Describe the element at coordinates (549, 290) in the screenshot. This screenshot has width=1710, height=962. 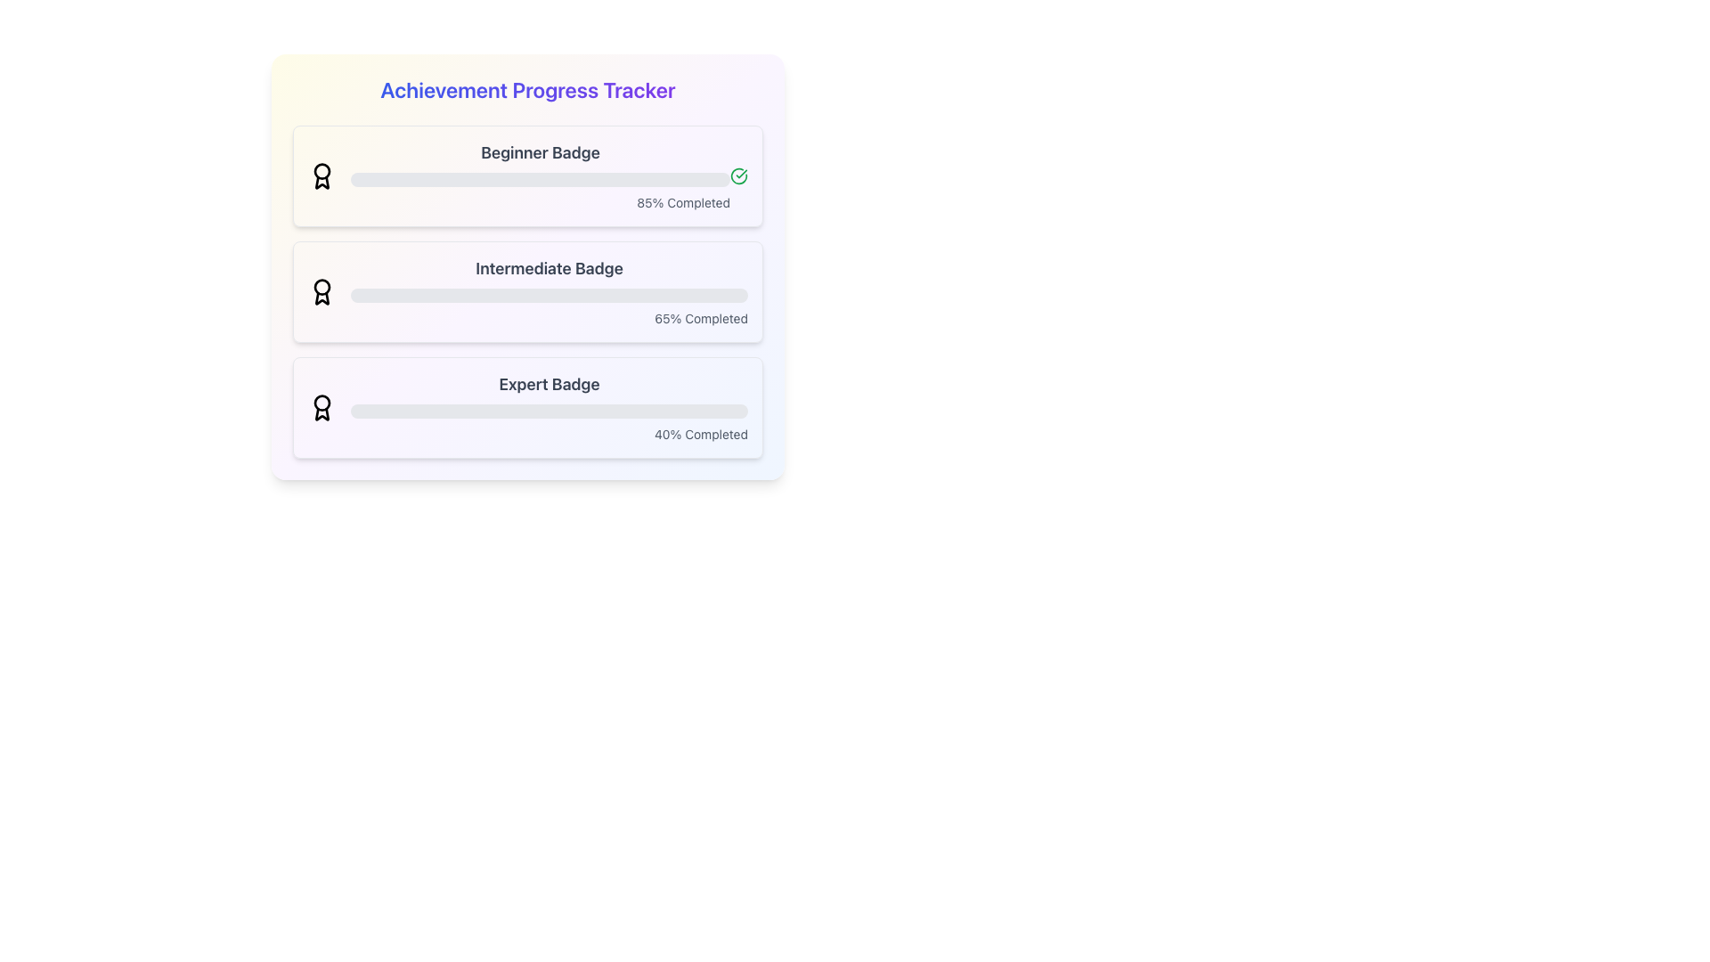
I see `the Progress Indicator displaying 'Intermediate Badge' to read details about the progress and completion percentage` at that location.